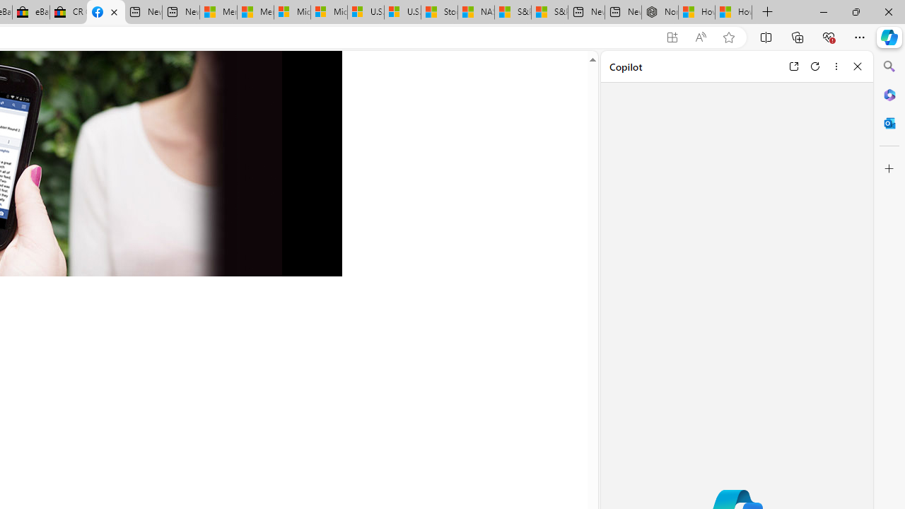 This screenshot has height=509, width=905. Describe the element at coordinates (672, 37) in the screenshot. I see `'App available. Install Facebook'` at that location.